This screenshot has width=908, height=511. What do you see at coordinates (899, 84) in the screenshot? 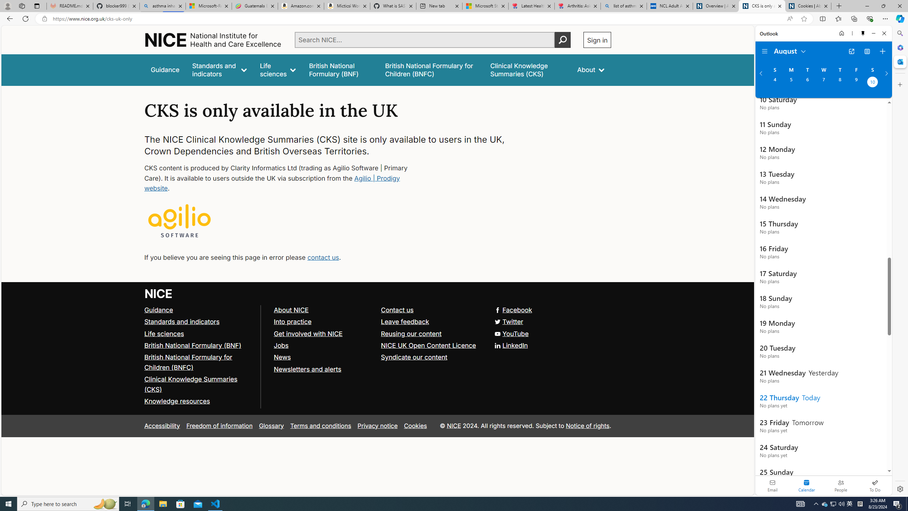
I see `'Close Customize pane'` at bounding box center [899, 84].